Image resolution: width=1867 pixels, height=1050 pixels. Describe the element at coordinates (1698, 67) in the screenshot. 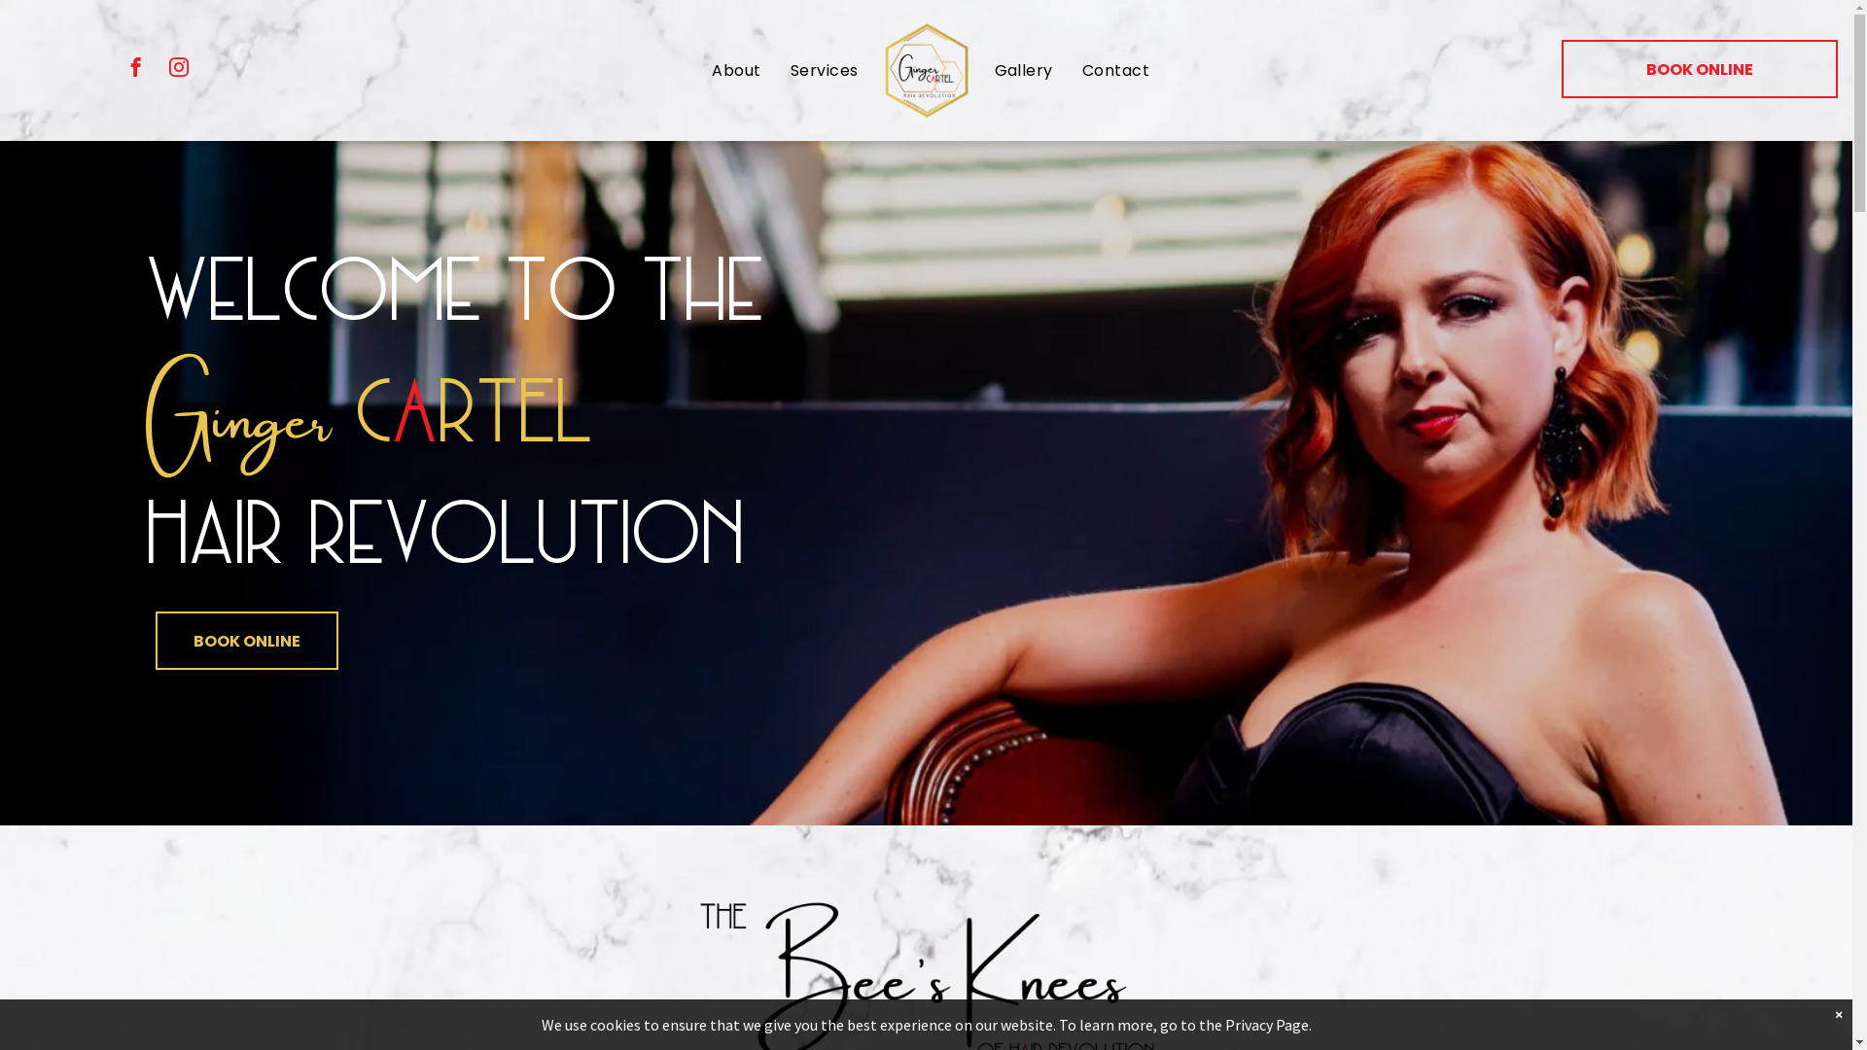

I see `'BOOK ONLINE'` at that location.